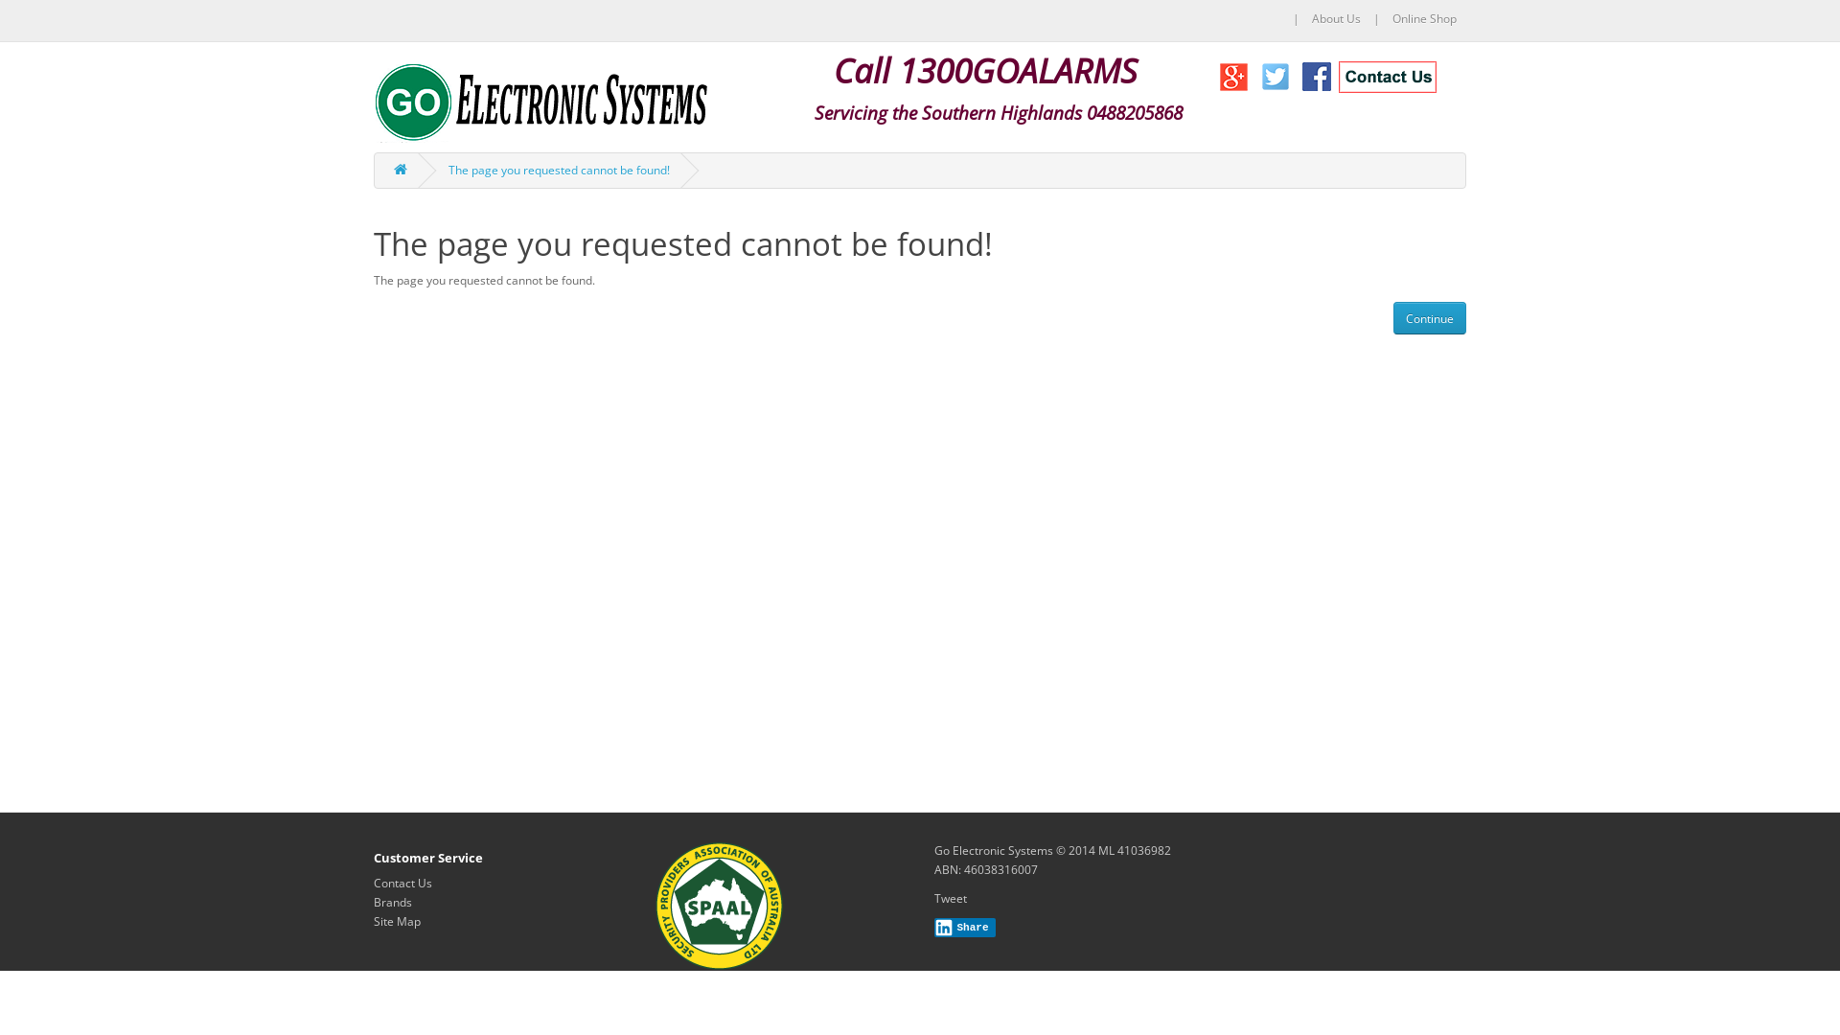 This screenshot has height=1035, width=1840. I want to click on 'Continue', so click(1430, 316).